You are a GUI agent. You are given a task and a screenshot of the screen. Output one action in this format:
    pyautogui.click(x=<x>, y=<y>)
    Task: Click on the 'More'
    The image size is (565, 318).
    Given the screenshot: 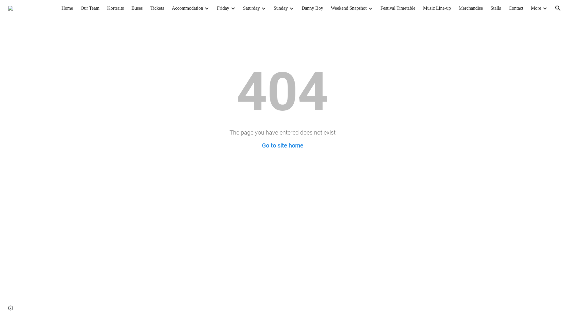 What is the action you would take?
    pyautogui.click(x=531, y=8)
    